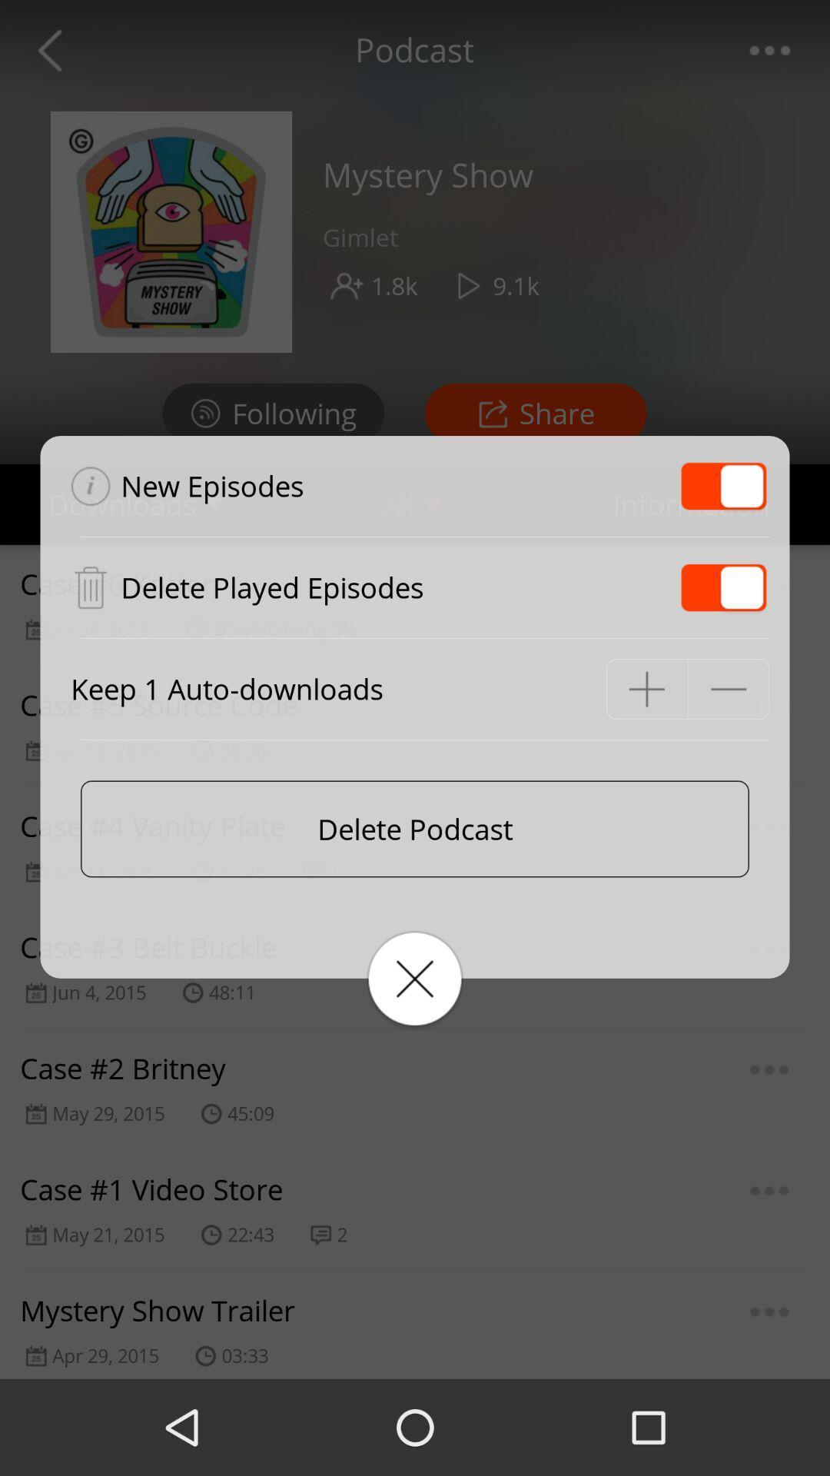 The height and width of the screenshot is (1476, 830). What do you see at coordinates (415, 828) in the screenshot?
I see `the delete podcast item` at bounding box center [415, 828].